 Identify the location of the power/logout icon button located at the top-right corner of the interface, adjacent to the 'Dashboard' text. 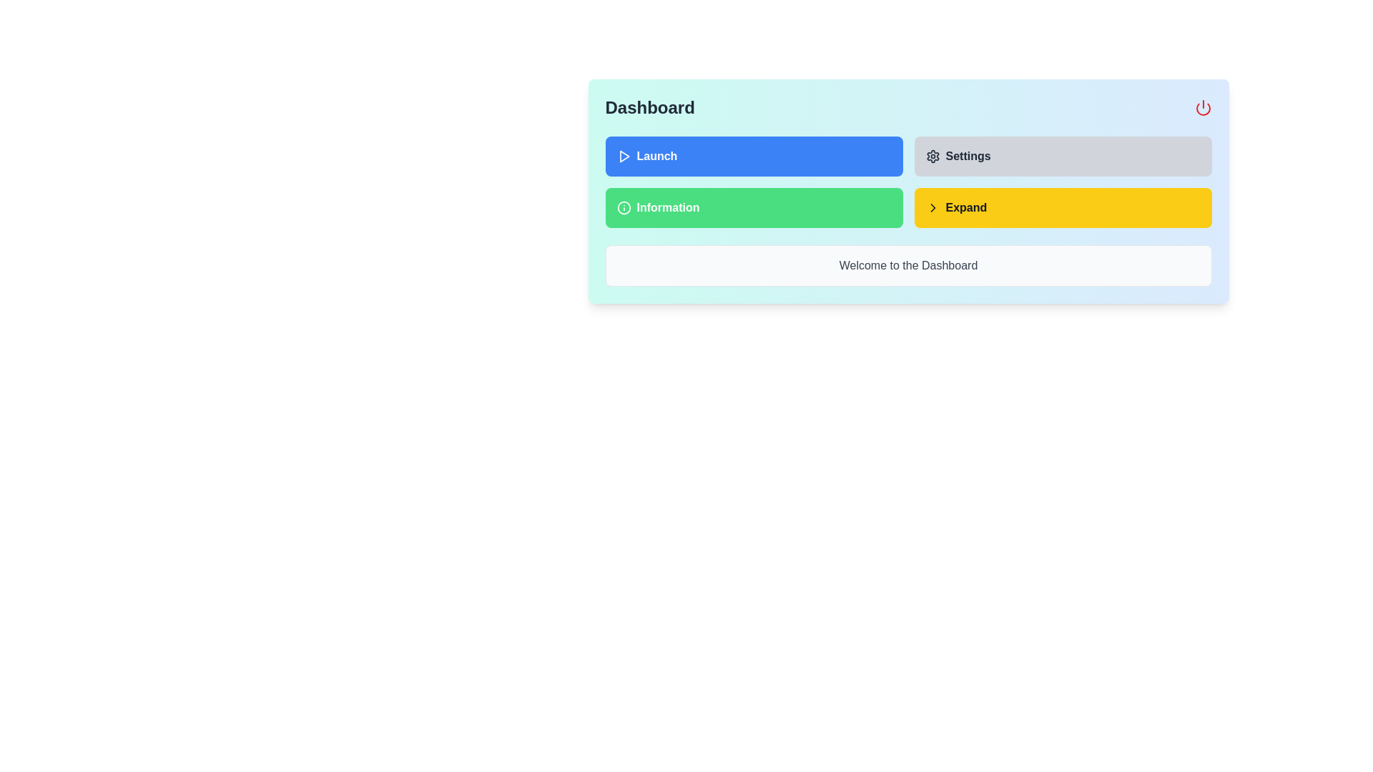
(1202, 107).